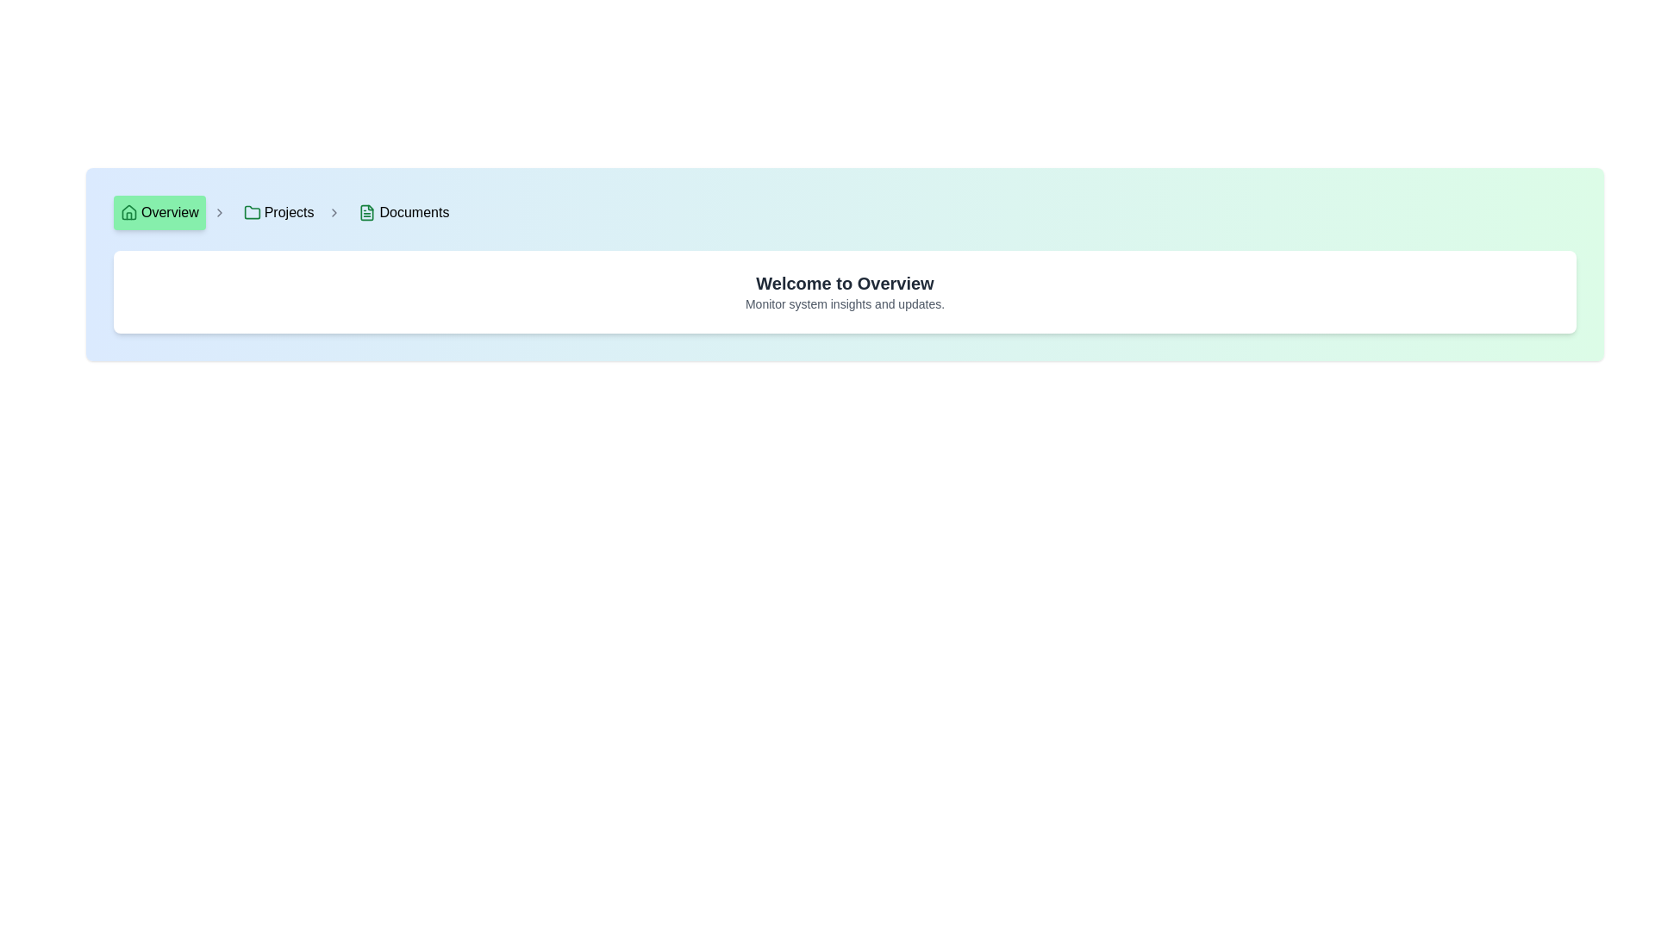 This screenshot has height=931, width=1655. What do you see at coordinates (289, 211) in the screenshot?
I see `the text label displaying 'Projects' in black font, which is part of the breadcrumb navigation bar and positioned between 'Overview' and 'Documents'` at bounding box center [289, 211].